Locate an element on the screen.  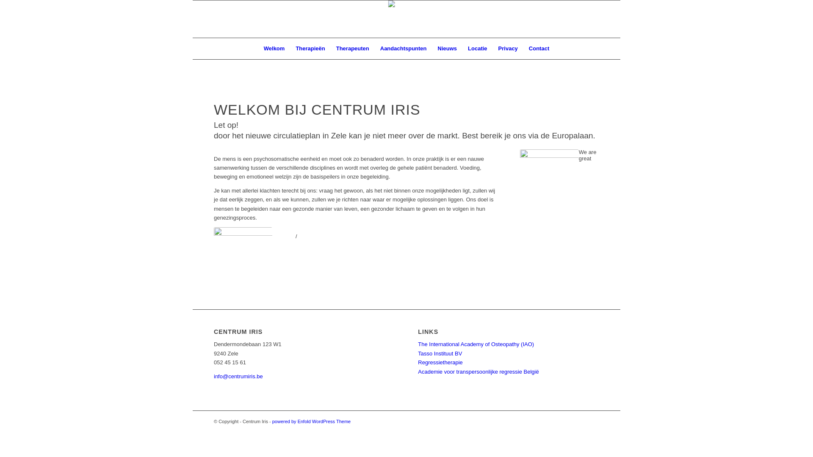
'Nieuws' is located at coordinates (447, 49).